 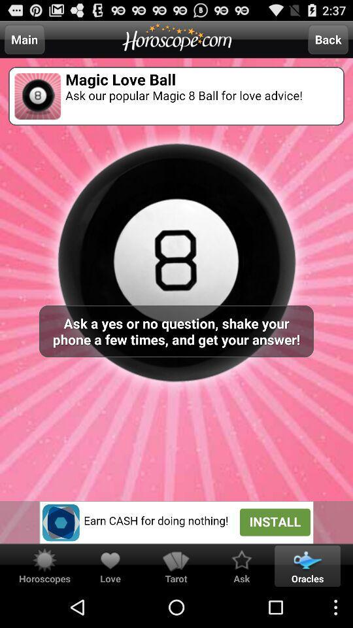 What do you see at coordinates (176, 522) in the screenshot?
I see `hit install` at bounding box center [176, 522].